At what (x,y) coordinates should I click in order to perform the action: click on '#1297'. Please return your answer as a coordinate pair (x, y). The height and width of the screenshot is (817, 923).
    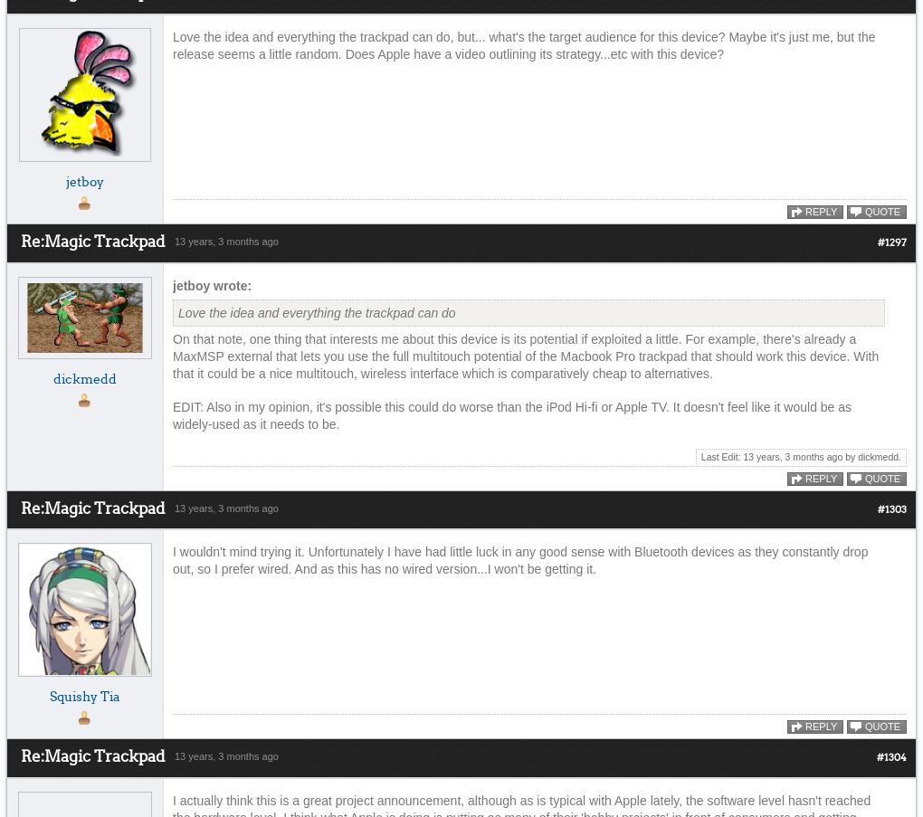
    Looking at the image, I should click on (892, 242).